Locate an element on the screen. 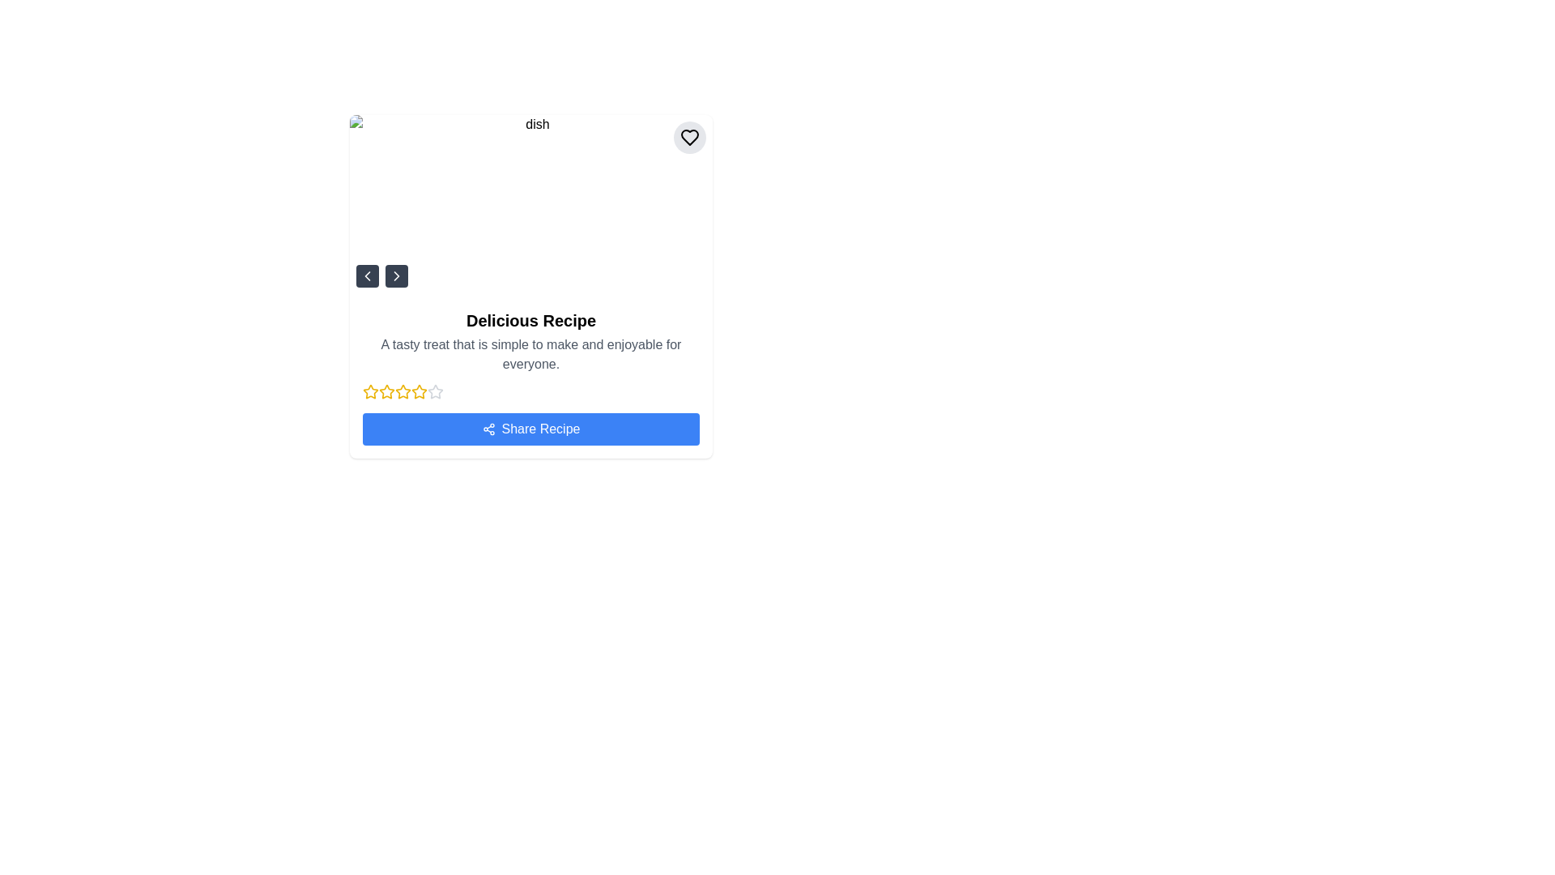 The width and height of the screenshot is (1555, 875). the circular button located in the top-right corner of the image card, which features a light gray background and a black heart-shaped icon is located at coordinates (689, 136).